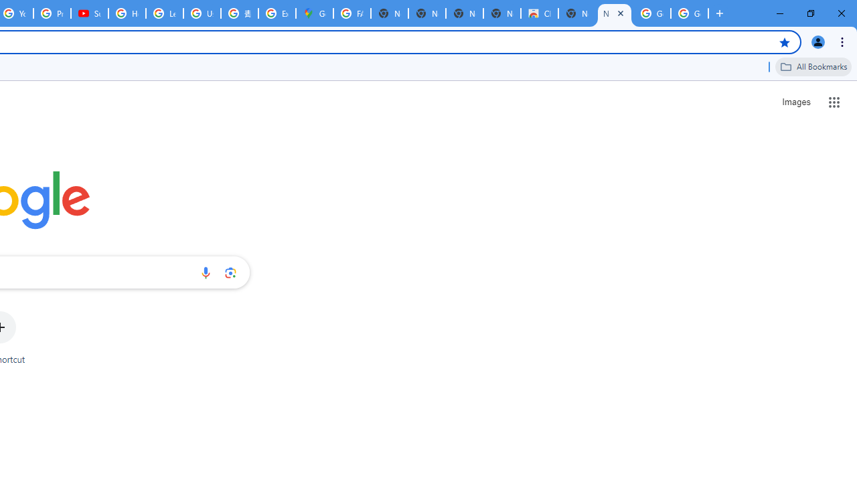  I want to click on 'Google Maps', so click(313, 13).